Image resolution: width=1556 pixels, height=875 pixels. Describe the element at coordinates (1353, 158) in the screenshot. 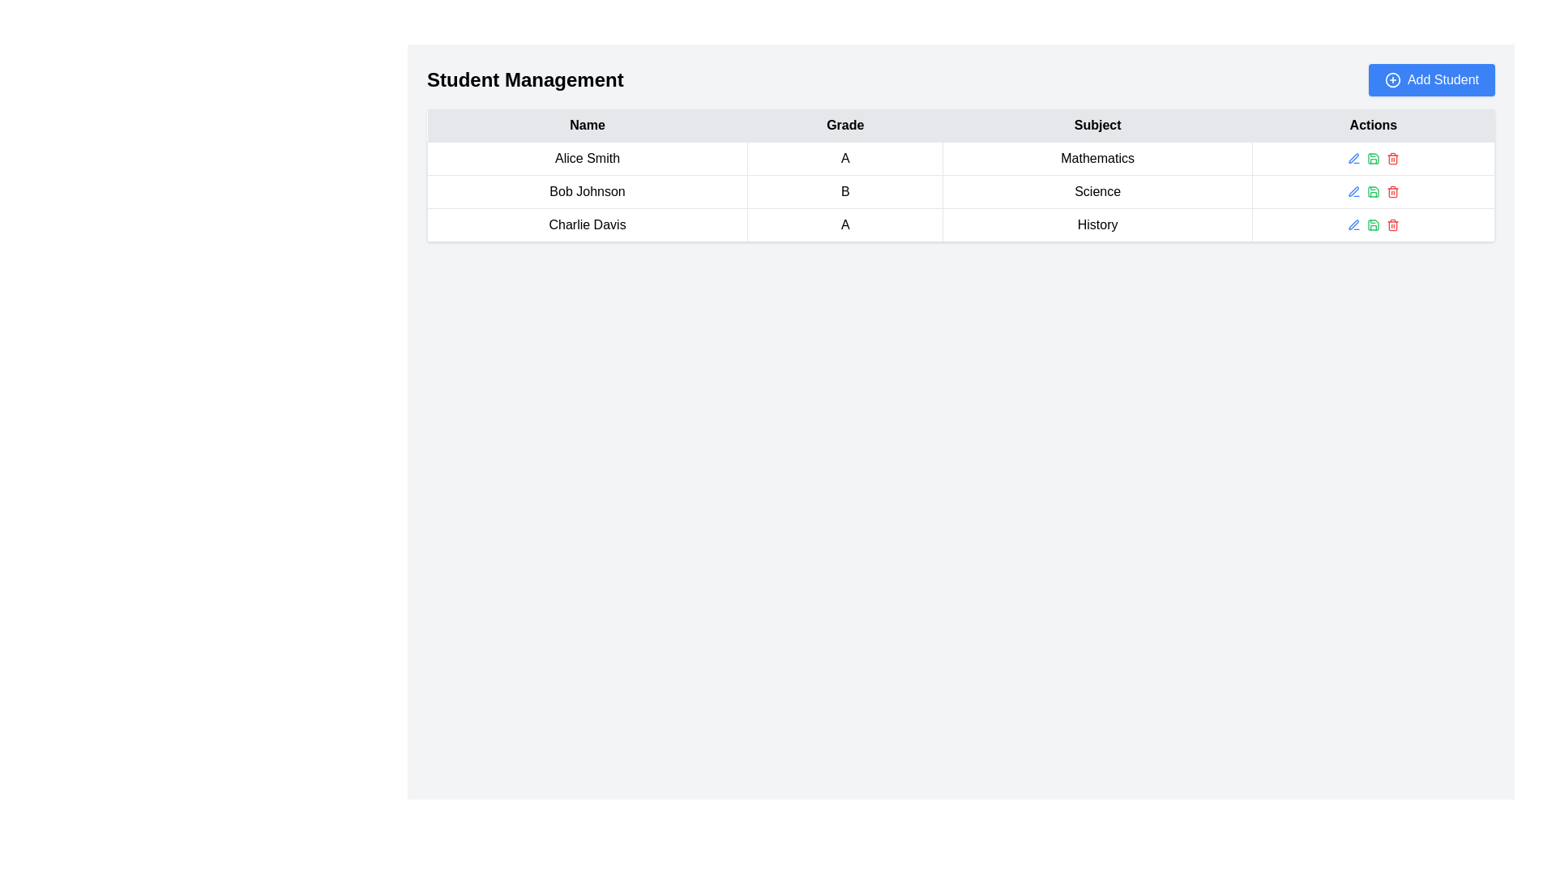

I see `the editing icon located in the 'Actions' column of the table, specifically aligned with the 'Science' entry in the second row` at that location.